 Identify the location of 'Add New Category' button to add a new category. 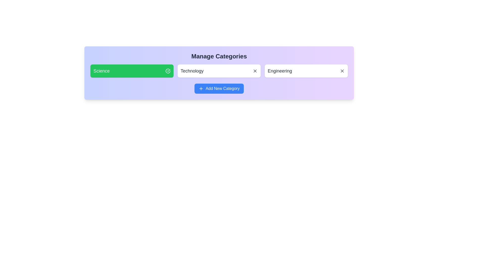
(219, 88).